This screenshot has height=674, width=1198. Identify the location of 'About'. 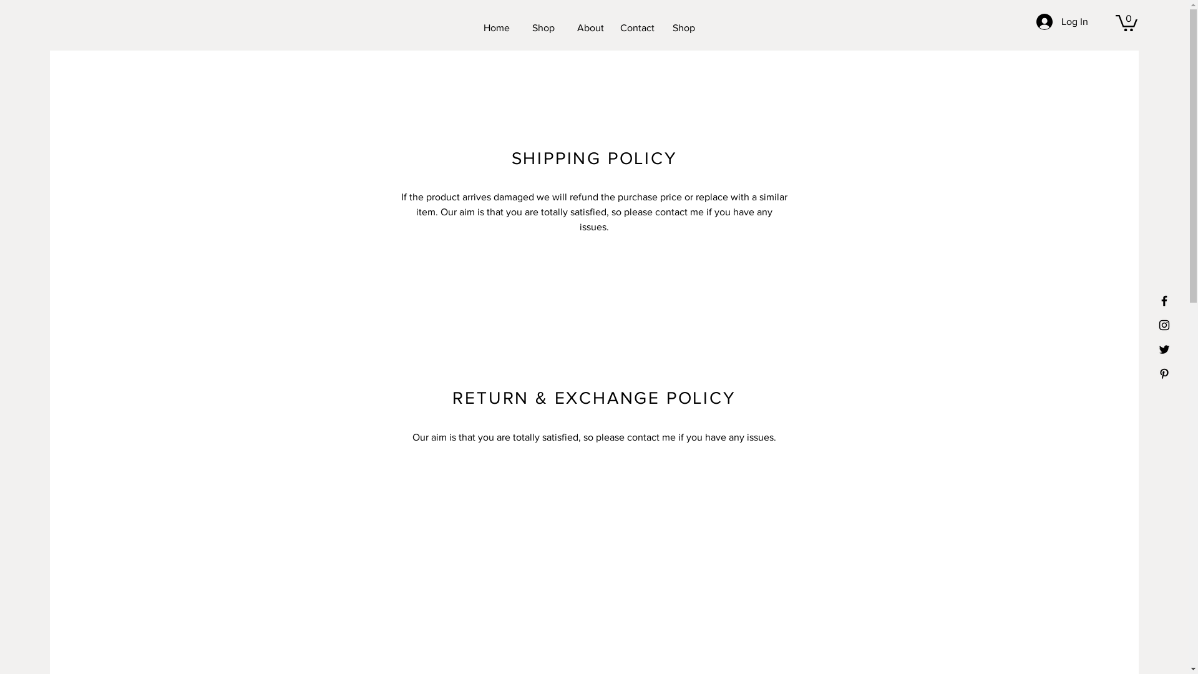
(589, 28).